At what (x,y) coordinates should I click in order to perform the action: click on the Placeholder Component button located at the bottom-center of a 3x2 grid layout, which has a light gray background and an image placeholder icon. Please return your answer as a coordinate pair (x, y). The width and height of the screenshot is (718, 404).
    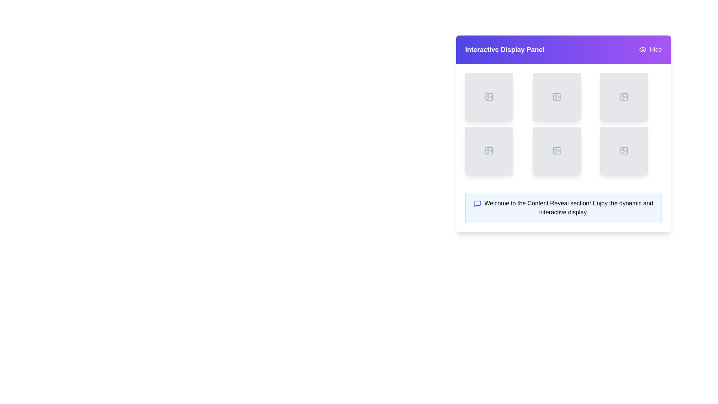
    Looking at the image, I should click on (556, 150).